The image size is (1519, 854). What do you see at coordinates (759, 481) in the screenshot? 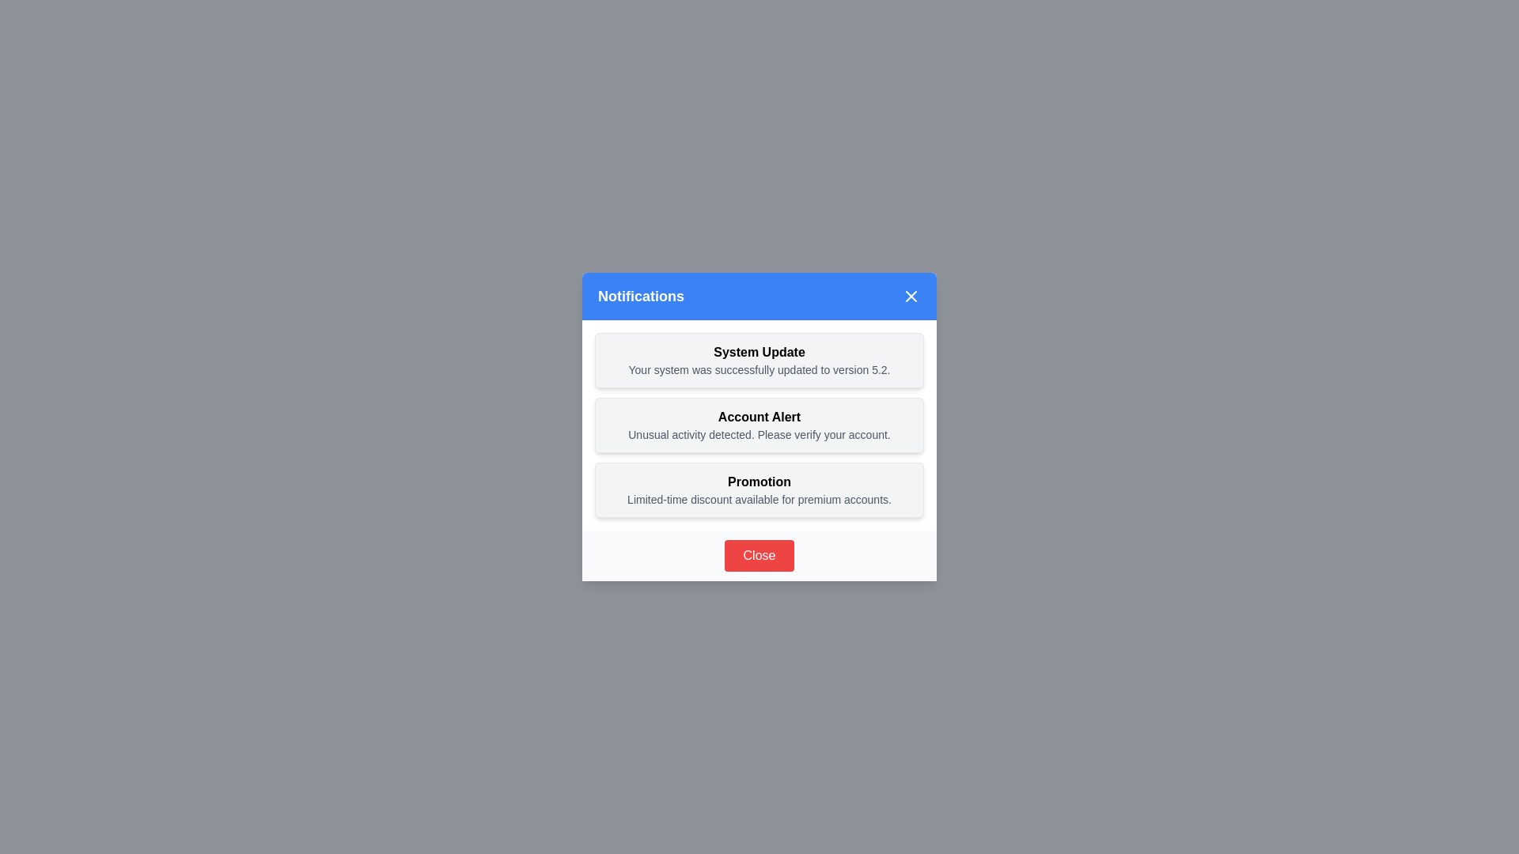
I see `the text content of the Text label, which serves as a title for the notification context, positioned at the center bottom of the notification card` at bounding box center [759, 481].